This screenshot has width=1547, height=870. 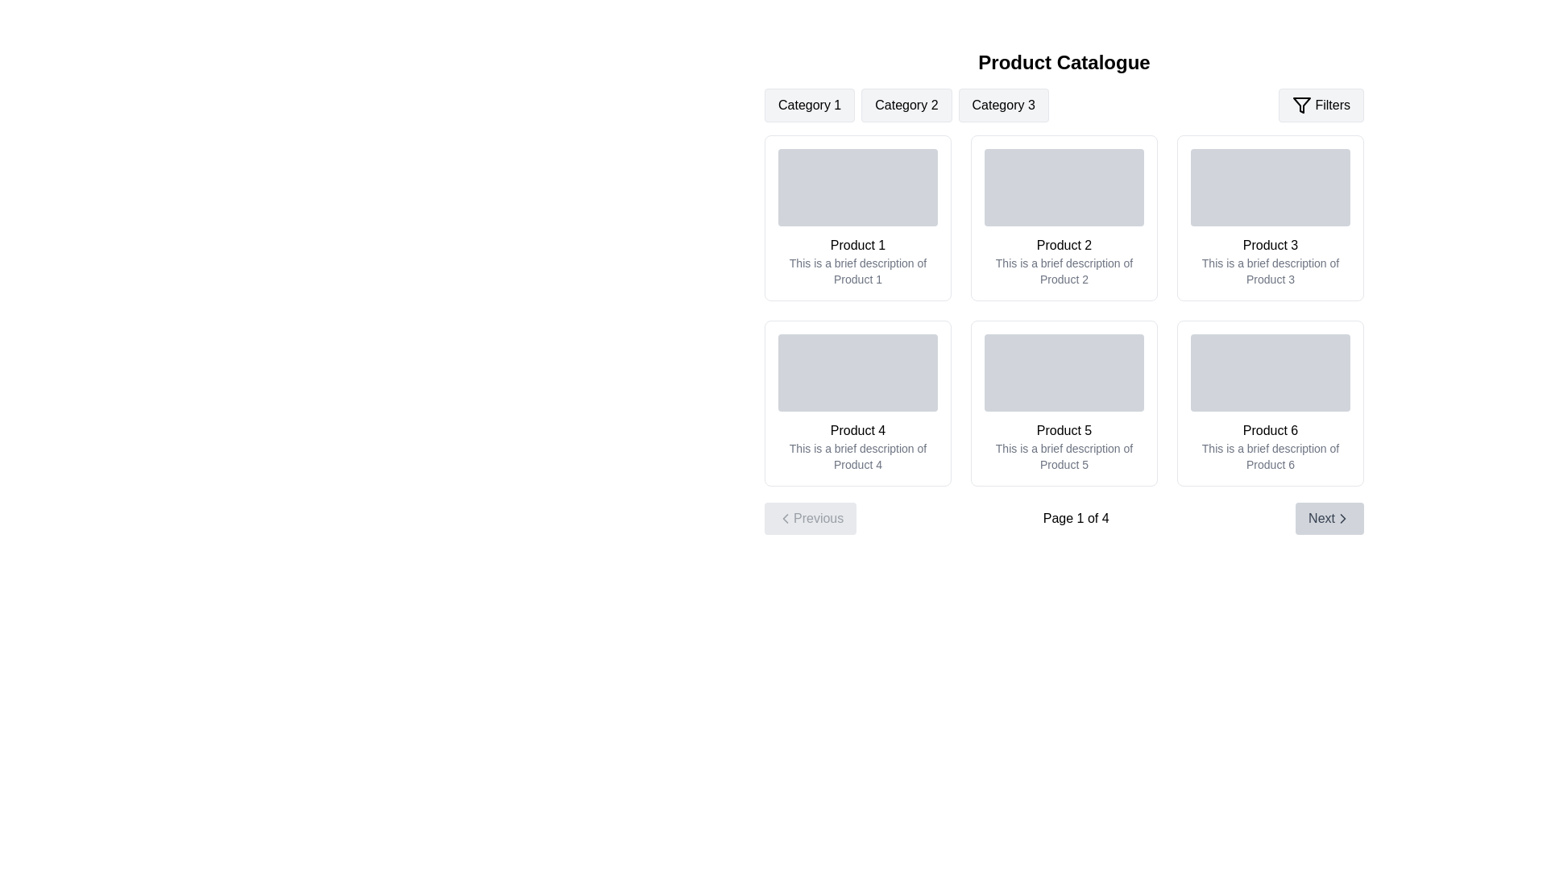 What do you see at coordinates (906, 106) in the screenshot?
I see `the 'Category 2' button, which is a rectangular button with rounded corners and a light gray background, located between 'Category 1' and 'Category 3' in the interface` at bounding box center [906, 106].